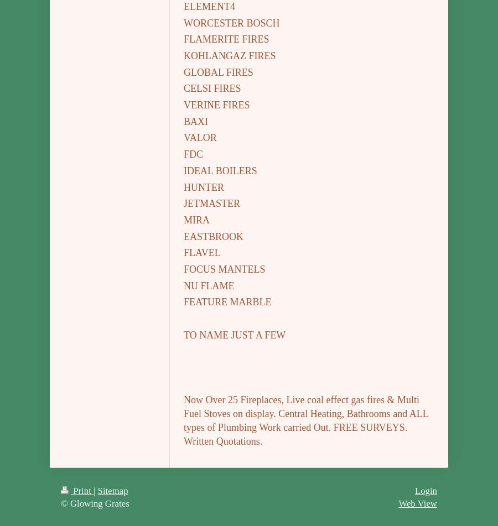 This screenshot has height=526, width=498. What do you see at coordinates (200, 137) in the screenshot?
I see `'VALOR'` at bounding box center [200, 137].